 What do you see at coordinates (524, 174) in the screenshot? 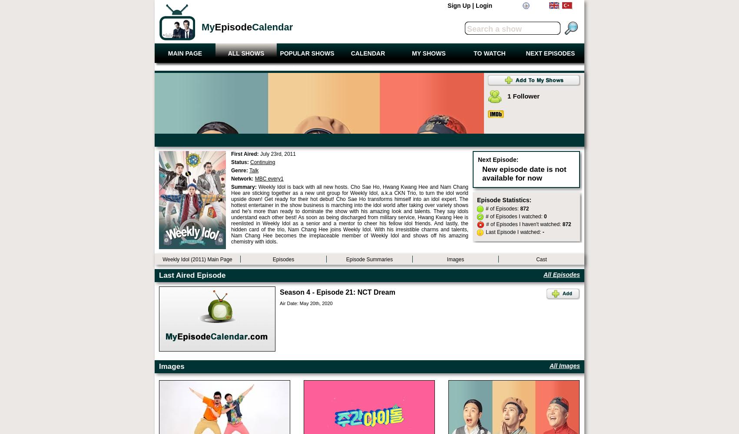
I see `'New episode date is not available for now'` at bounding box center [524, 174].